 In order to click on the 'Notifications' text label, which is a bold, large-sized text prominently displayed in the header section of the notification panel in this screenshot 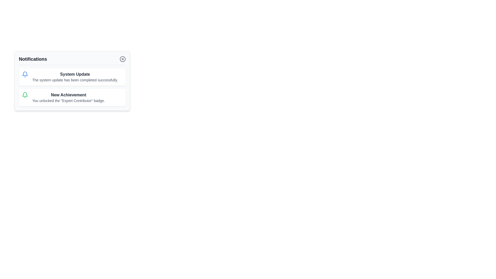, I will do `click(33, 59)`.